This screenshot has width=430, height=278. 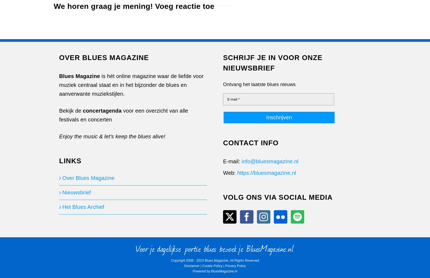 I want to click on 'SCHRIJF JE IN VOOR ONZE NIEUWSBRIEF', so click(x=273, y=62).